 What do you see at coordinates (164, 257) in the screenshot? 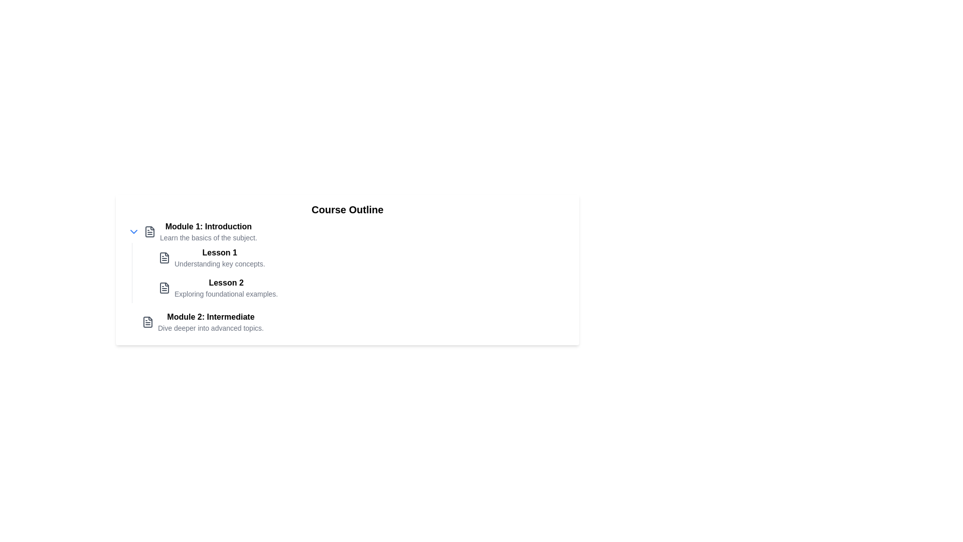
I see `the gray file or document icon located to the left of the 'Lesson 1' text in the course outline module titled 'Module 1: Introduction'` at bounding box center [164, 257].